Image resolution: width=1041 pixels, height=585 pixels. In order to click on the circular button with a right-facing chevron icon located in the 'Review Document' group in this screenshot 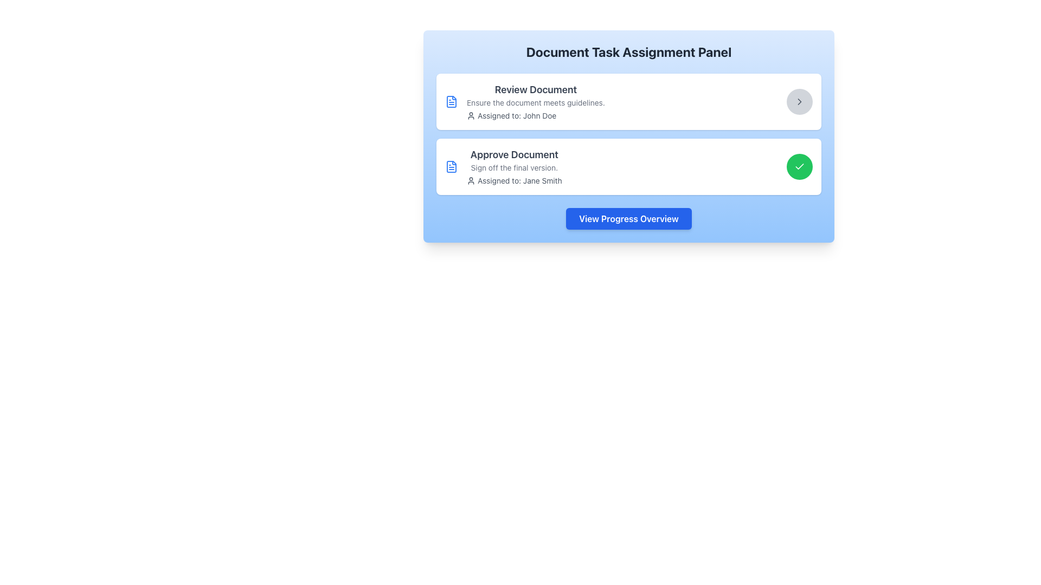, I will do `click(799, 102)`.